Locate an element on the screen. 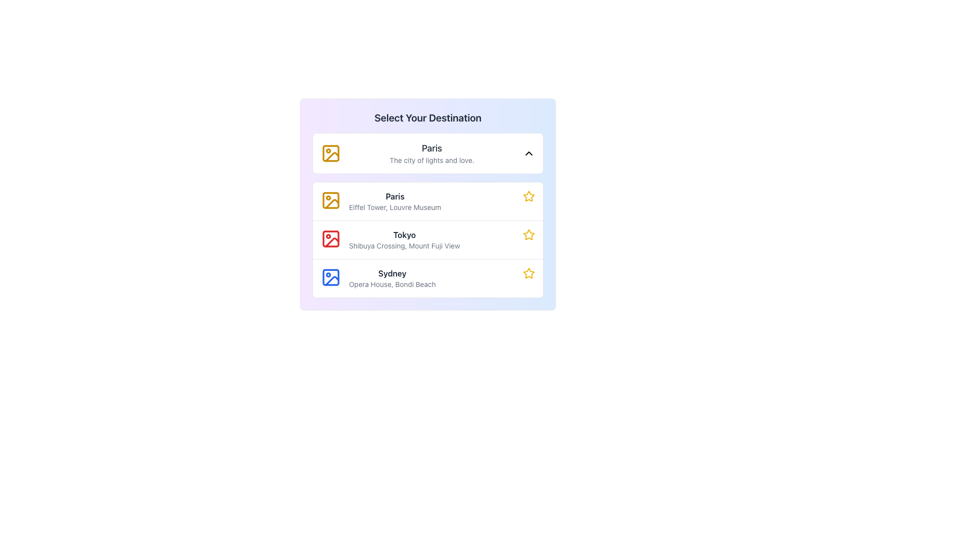 This screenshot has height=540, width=960. the interactive star icon located at the far right of the row containing 'Sydney' and 'Opera House, Bondi Beach', which is the third item in a vertical list within a light blue card layout is located at coordinates (528, 273).